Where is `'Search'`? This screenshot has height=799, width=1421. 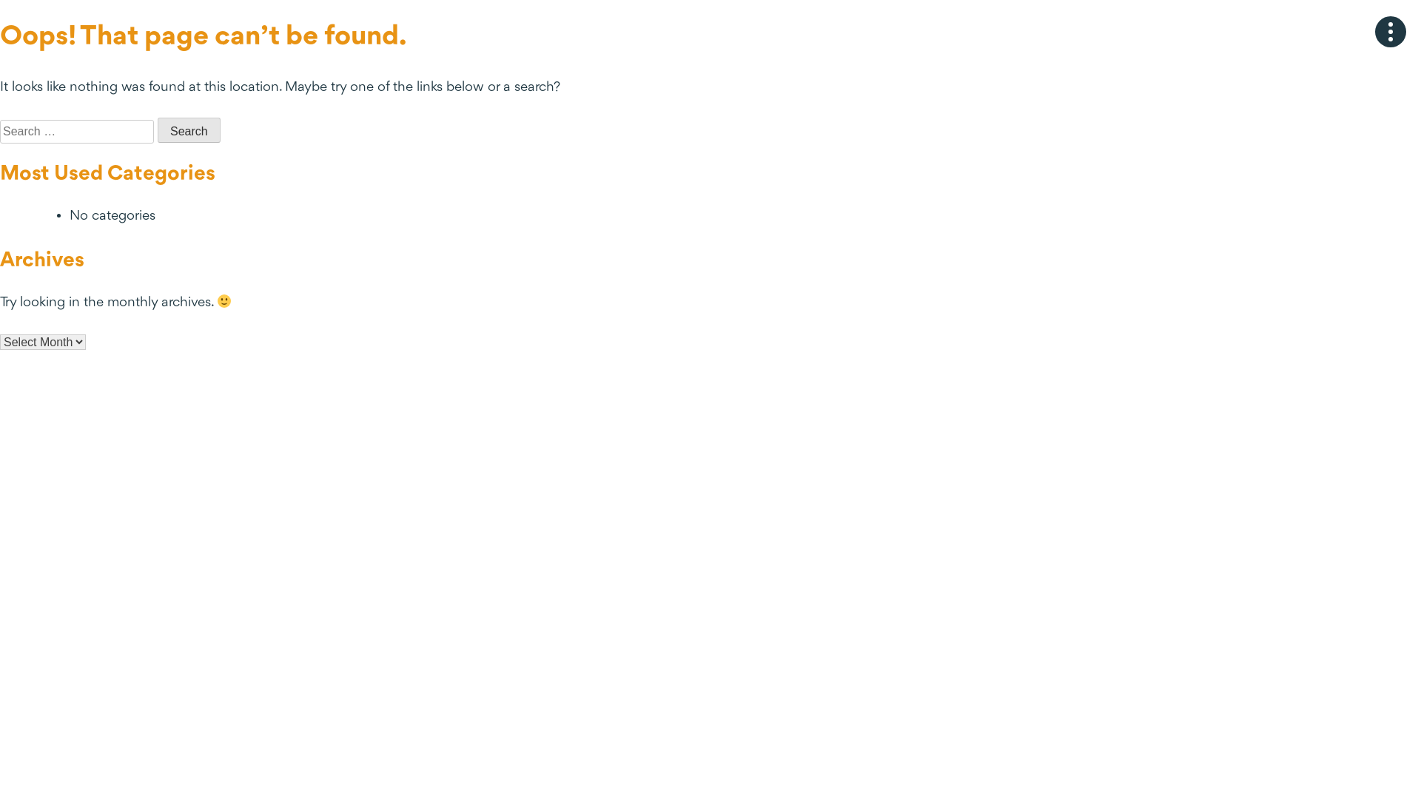 'Search' is located at coordinates (188, 129).